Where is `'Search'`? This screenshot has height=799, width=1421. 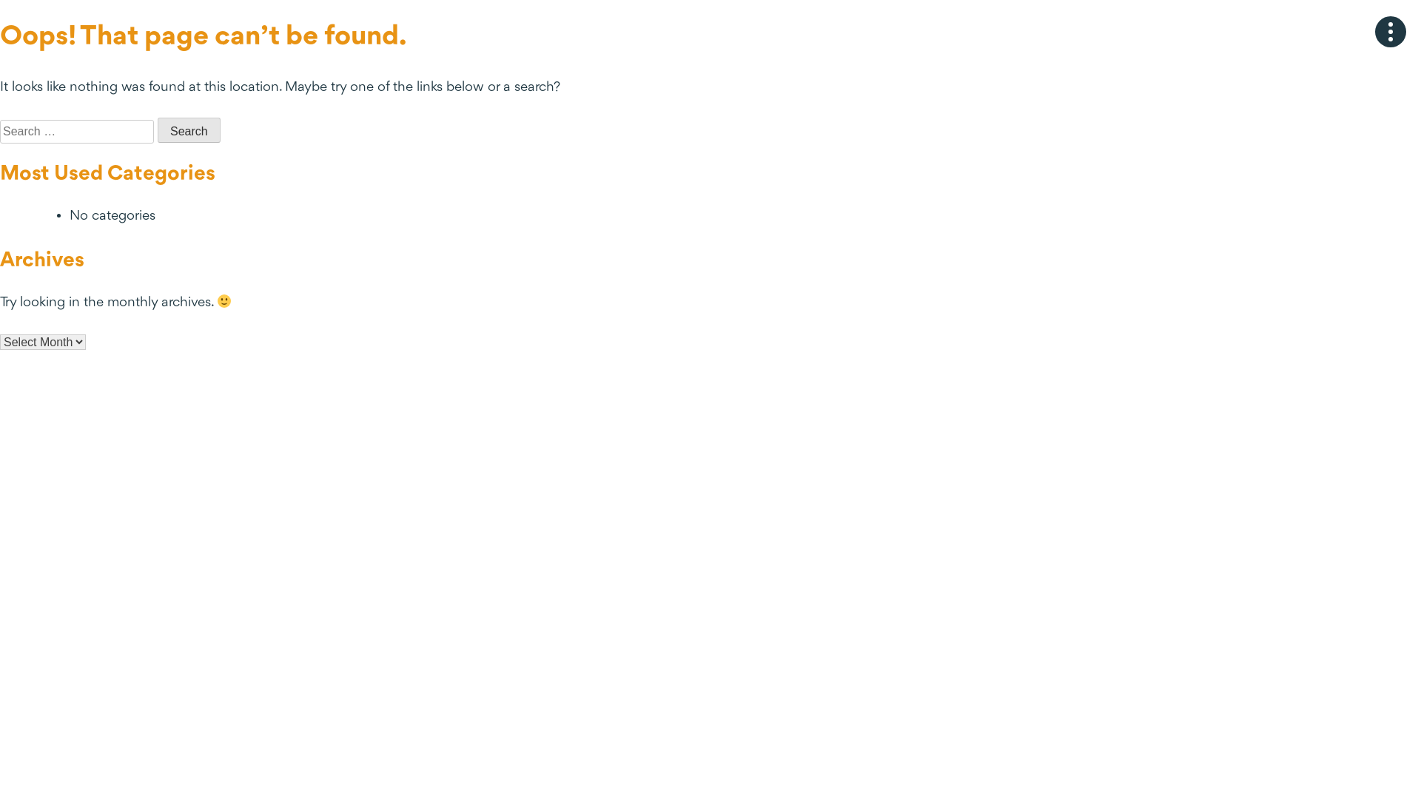 'Search' is located at coordinates (188, 129).